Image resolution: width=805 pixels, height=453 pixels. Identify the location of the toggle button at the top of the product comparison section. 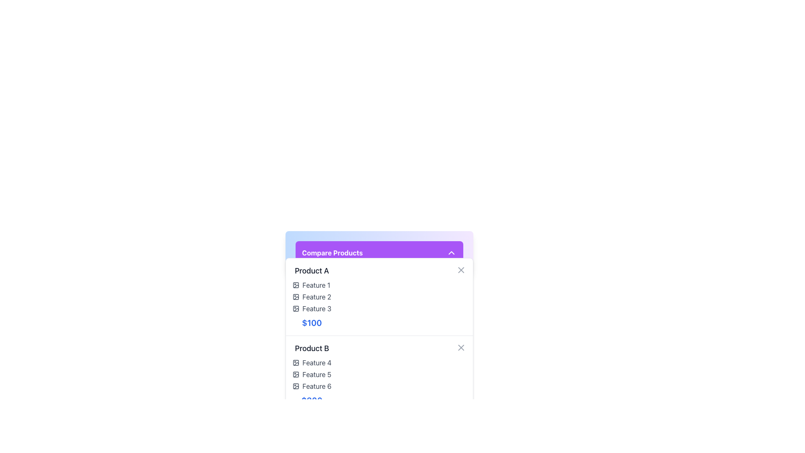
(379, 252).